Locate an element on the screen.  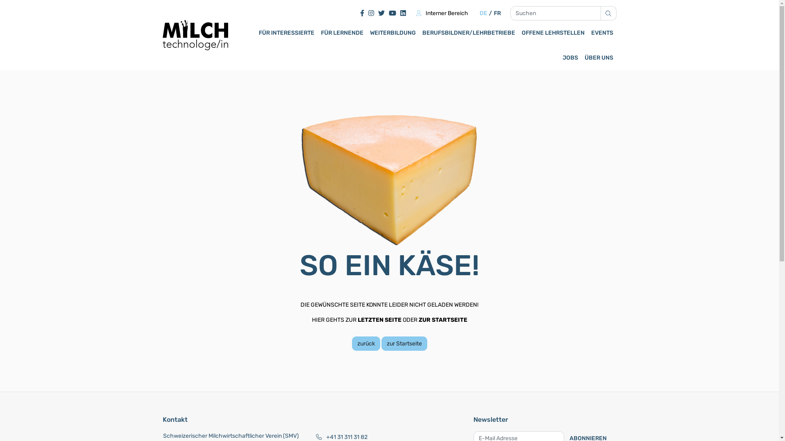
'+41 31 311 31 82' is located at coordinates (347, 437).